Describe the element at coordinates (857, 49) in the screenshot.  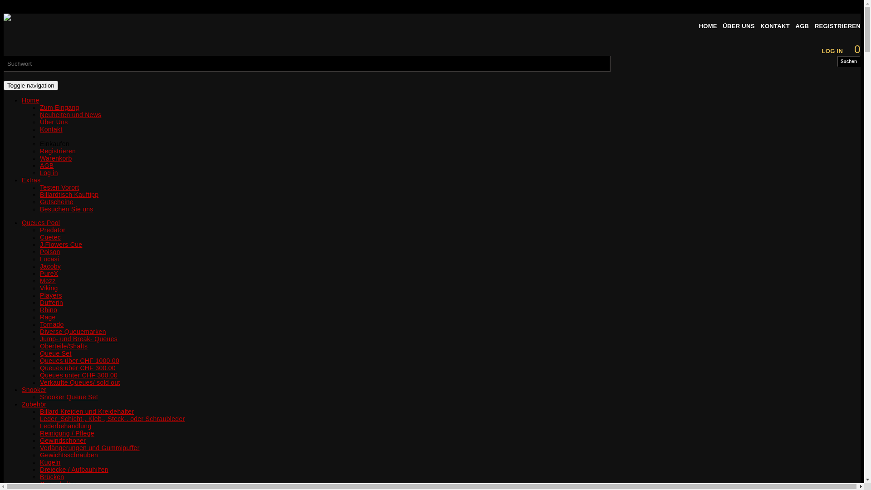
I see `'0'` at that location.